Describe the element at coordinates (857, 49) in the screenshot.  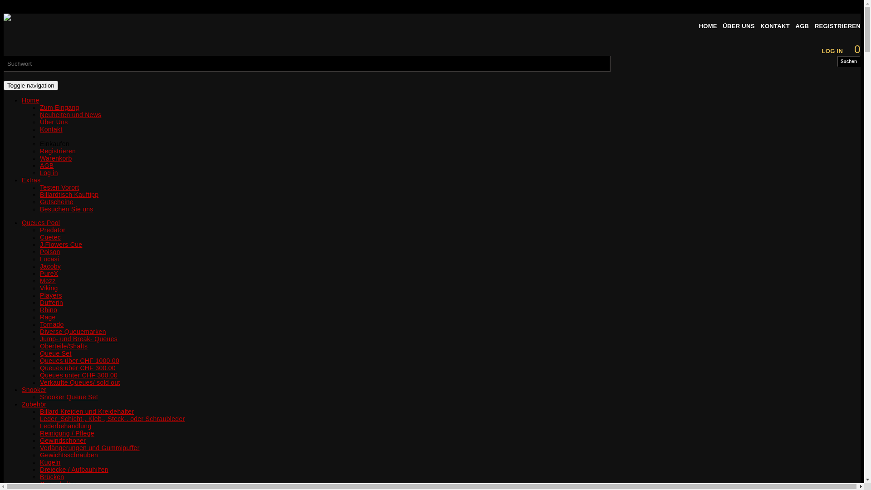
I see `'0'` at that location.